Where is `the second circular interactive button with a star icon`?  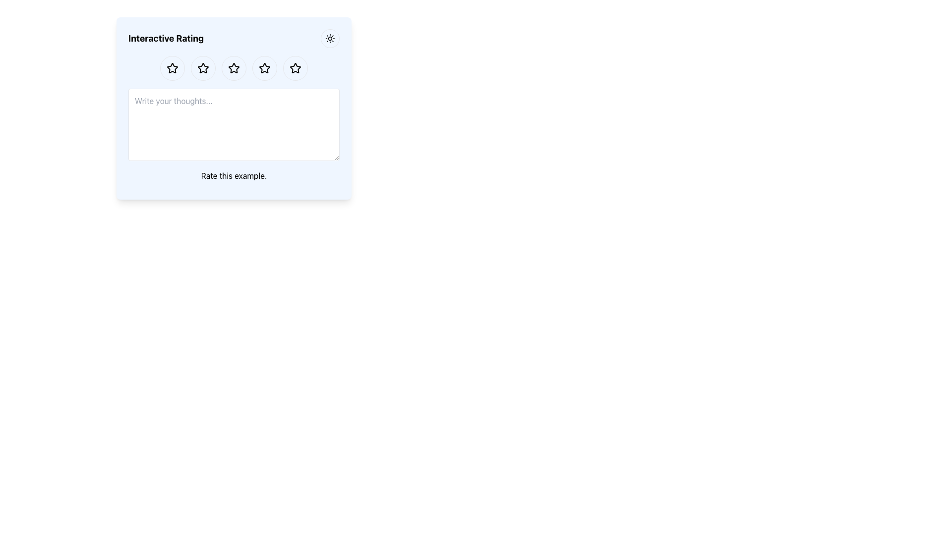
the second circular interactive button with a star icon is located at coordinates (202, 68).